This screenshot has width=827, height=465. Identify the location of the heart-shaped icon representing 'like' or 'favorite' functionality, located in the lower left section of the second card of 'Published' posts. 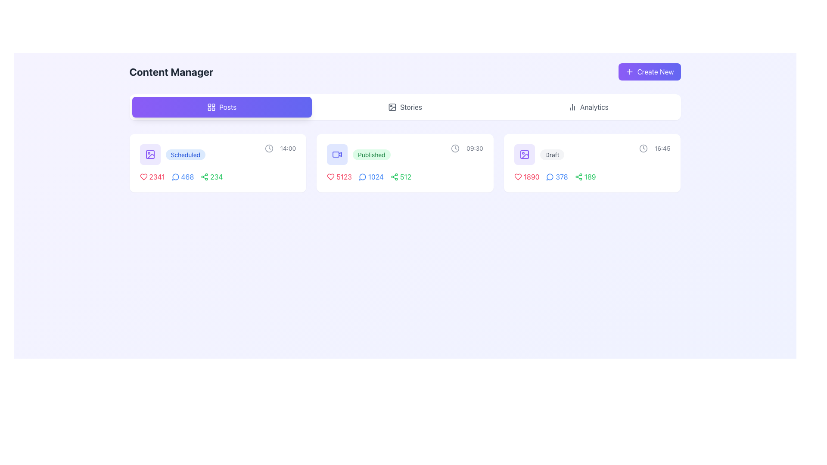
(330, 177).